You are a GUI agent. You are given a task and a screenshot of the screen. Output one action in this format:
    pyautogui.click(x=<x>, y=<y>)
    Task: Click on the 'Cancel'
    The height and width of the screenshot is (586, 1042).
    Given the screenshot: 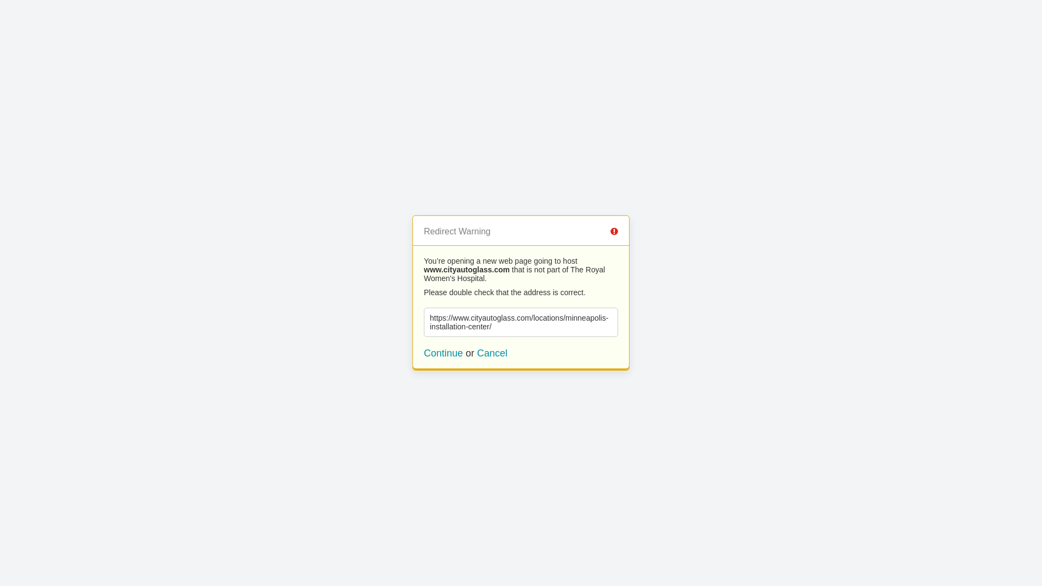 What is the action you would take?
    pyautogui.click(x=476, y=353)
    